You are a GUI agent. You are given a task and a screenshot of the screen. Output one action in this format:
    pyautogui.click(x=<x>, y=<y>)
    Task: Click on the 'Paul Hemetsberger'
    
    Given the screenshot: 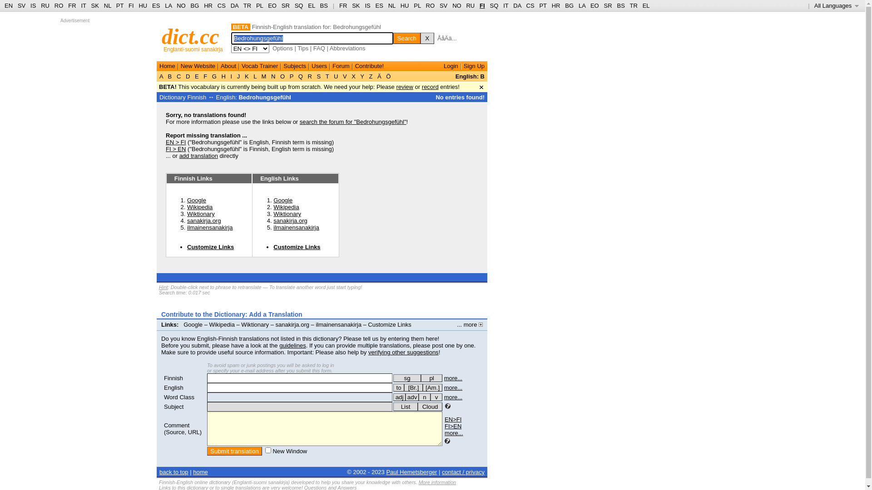 What is the action you would take?
    pyautogui.click(x=411, y=471)
    